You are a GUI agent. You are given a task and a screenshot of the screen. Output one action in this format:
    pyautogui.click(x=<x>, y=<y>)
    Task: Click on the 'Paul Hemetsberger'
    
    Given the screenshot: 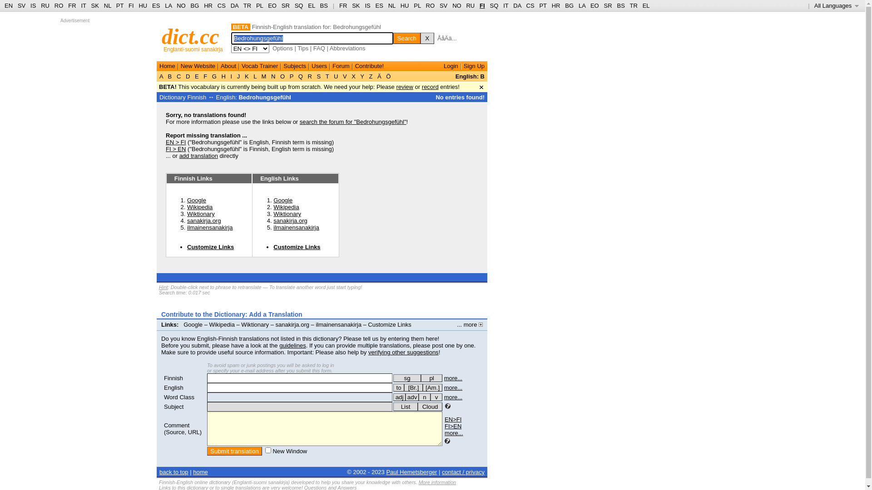 What is the action you would take?
    pyautogui.click(x=411, y=471)
    